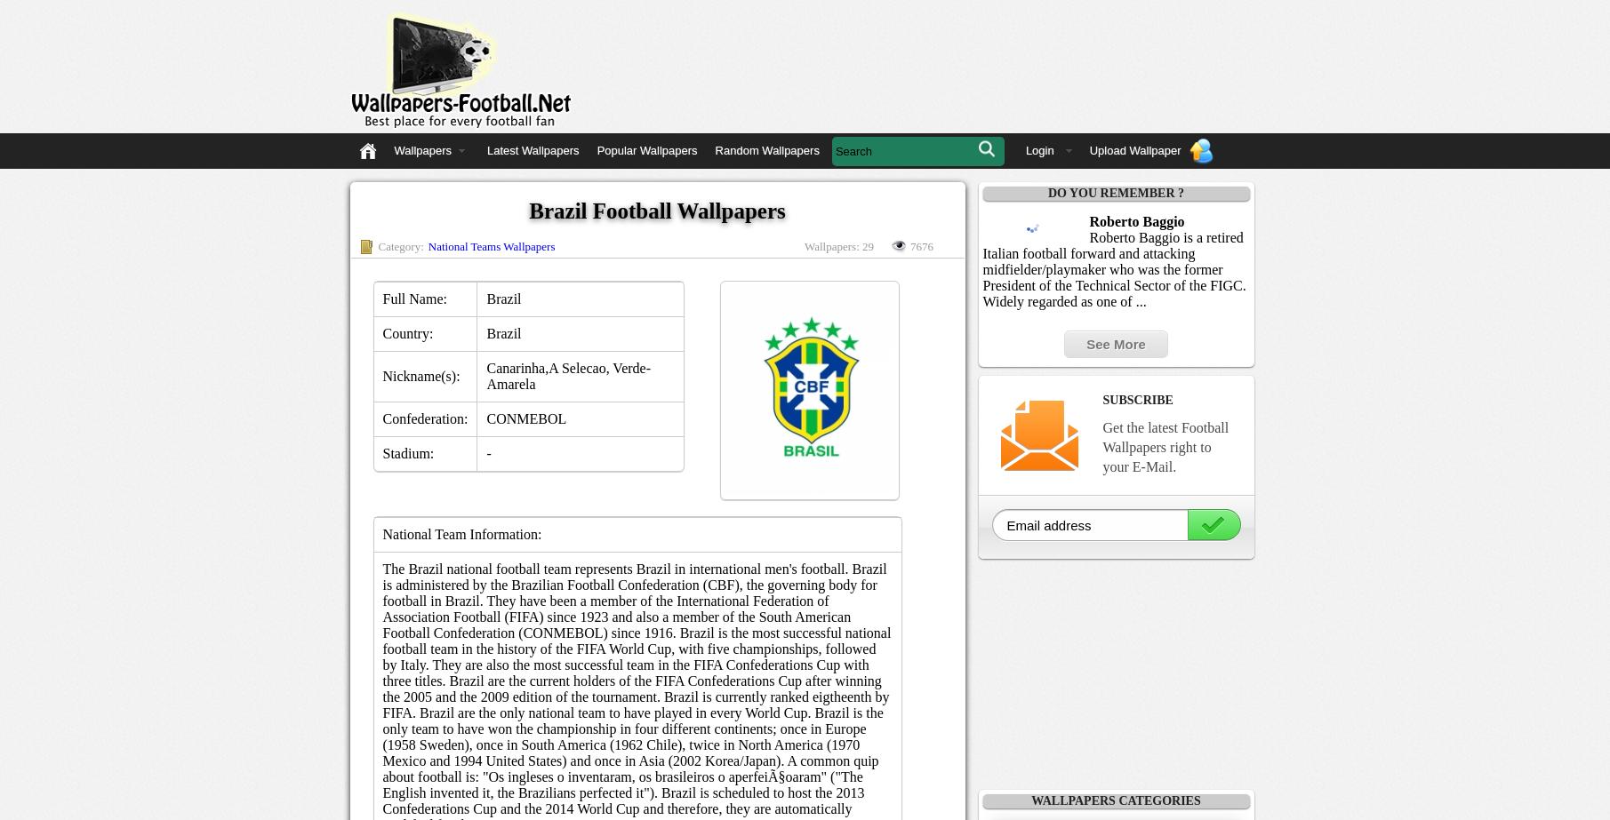  Describe the element at coordinates (766, 150) in the screenshot. I see `'Random Wallpapers'` at that location.